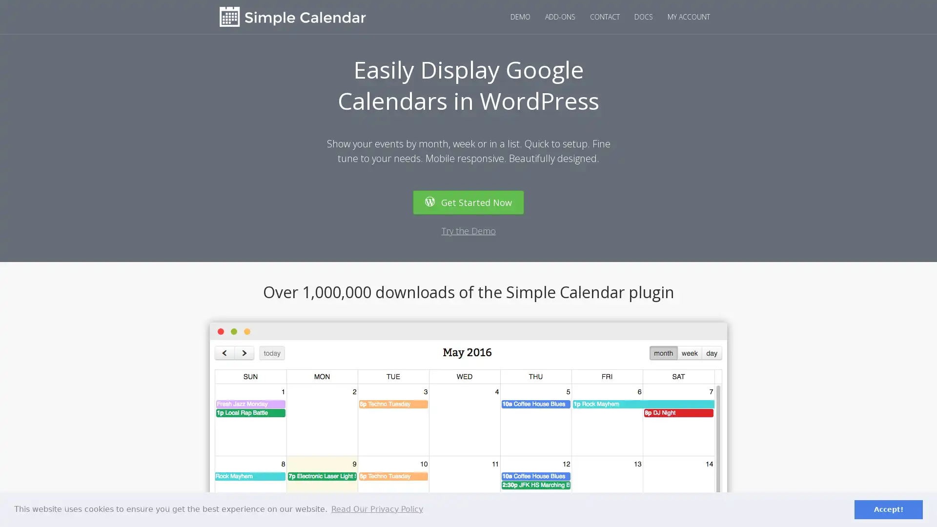 Image resolution: width=937 pixels, height=527 pixels. Describe the element at coordinates (376, 509) in the screenshot. I see `learn more about cookies` at that location.